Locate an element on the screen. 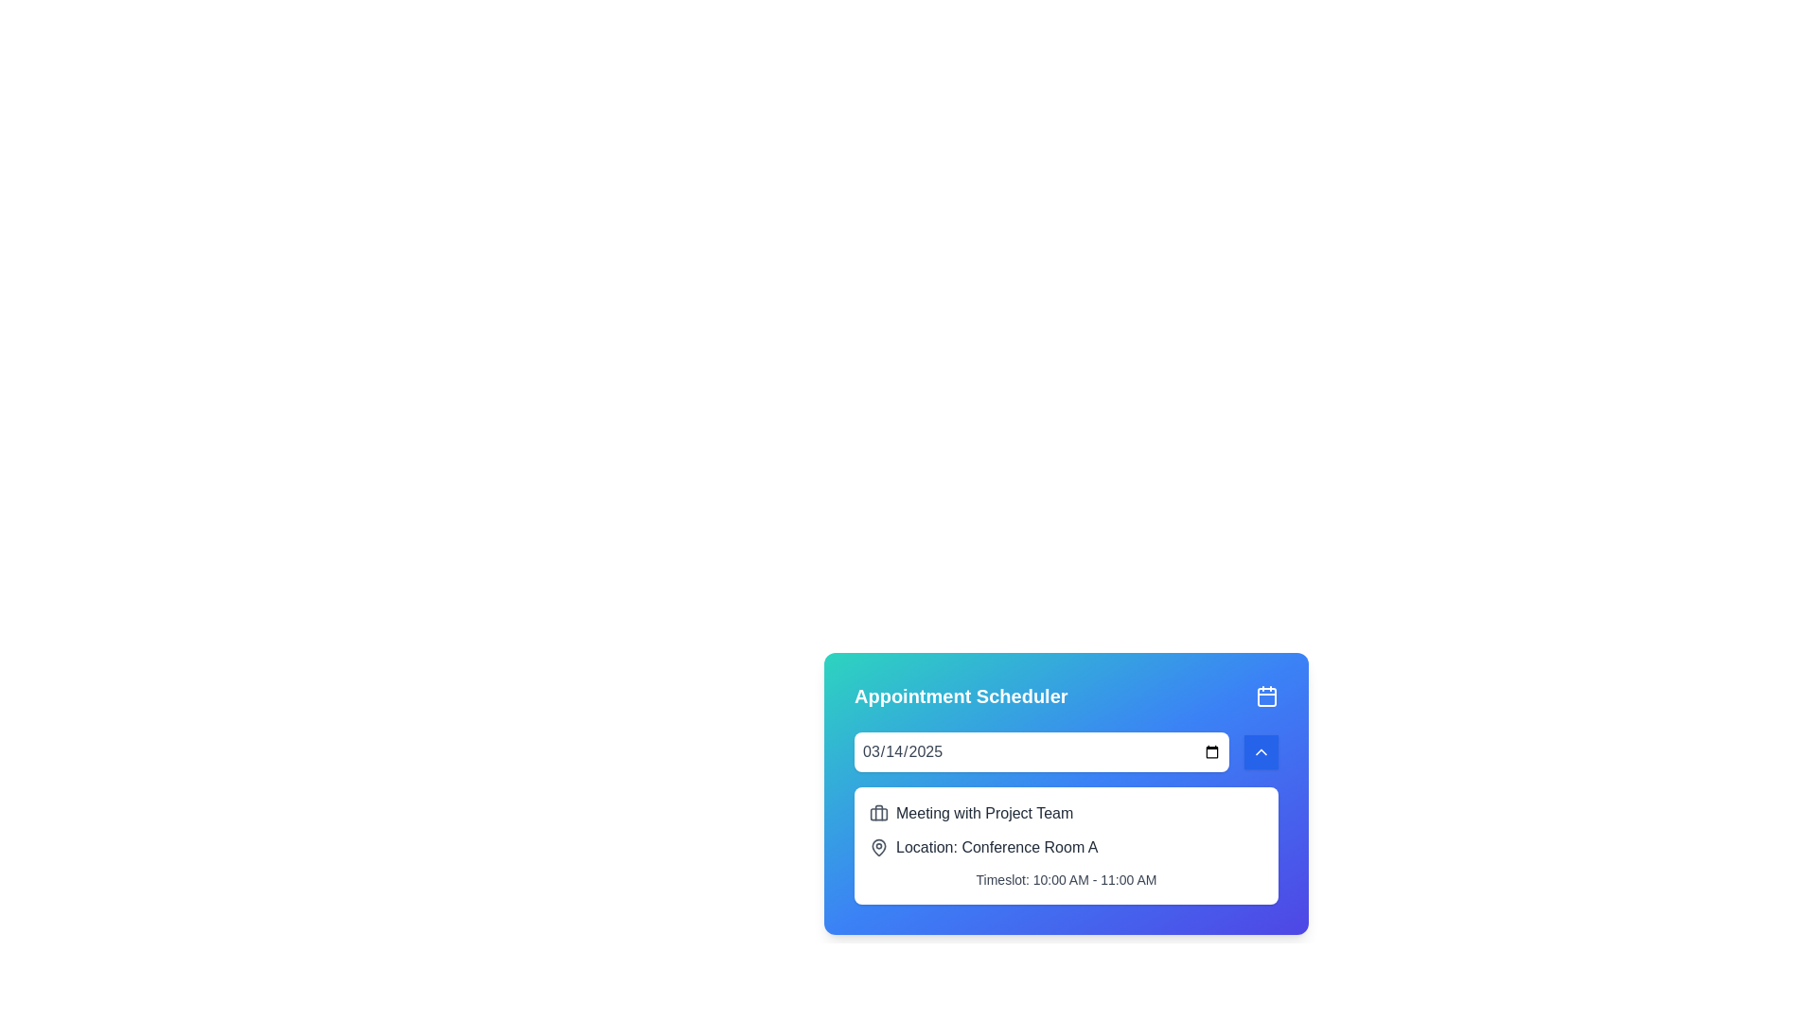 This screenshot has width=1817, height=1022. the small circular button with a blue background and a white chevron arrow pointing upwards, located to the right of the date input field in the calendar appointment interface is located at coordinates (1261, 750).